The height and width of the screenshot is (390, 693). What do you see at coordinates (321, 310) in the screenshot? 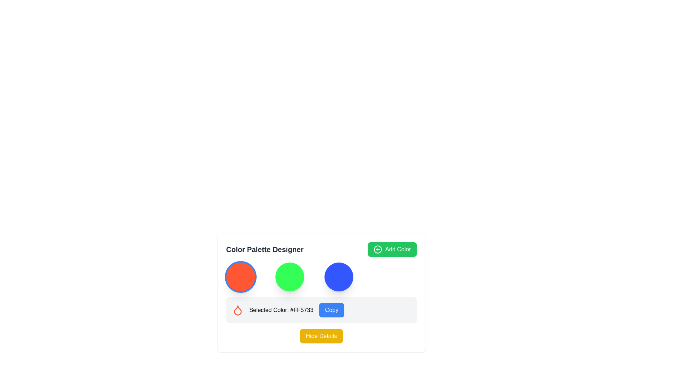
I see `color code displayed in the informational row, which shows 'Selected Color: #FF5733' with a red droplet icon and a 'Copy' button` at bounding box center [321, 310].